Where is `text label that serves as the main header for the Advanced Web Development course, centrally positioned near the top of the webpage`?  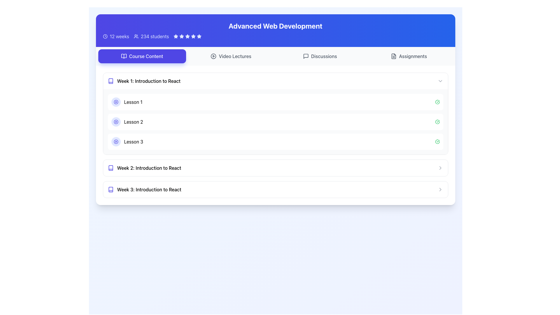 text label that serves as the main header for the Advanced Web Development course, centrally positioned near the top of the webpage is located at coordinates (275, 25).